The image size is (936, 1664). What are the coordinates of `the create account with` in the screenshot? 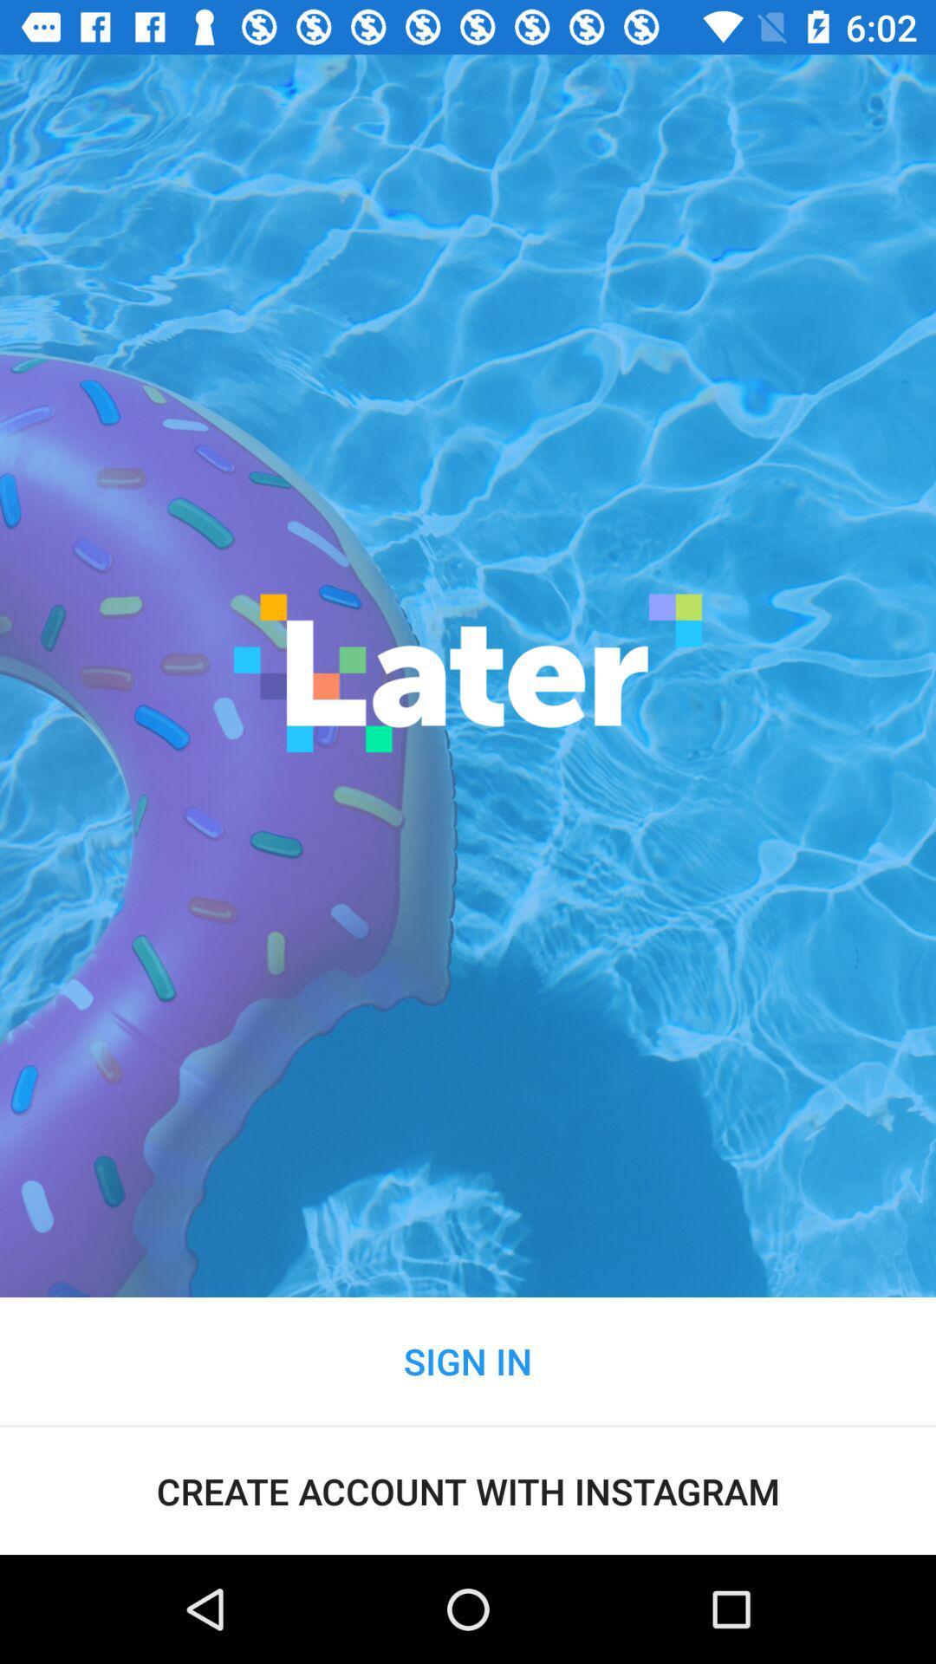 It's located at (468, 1490).